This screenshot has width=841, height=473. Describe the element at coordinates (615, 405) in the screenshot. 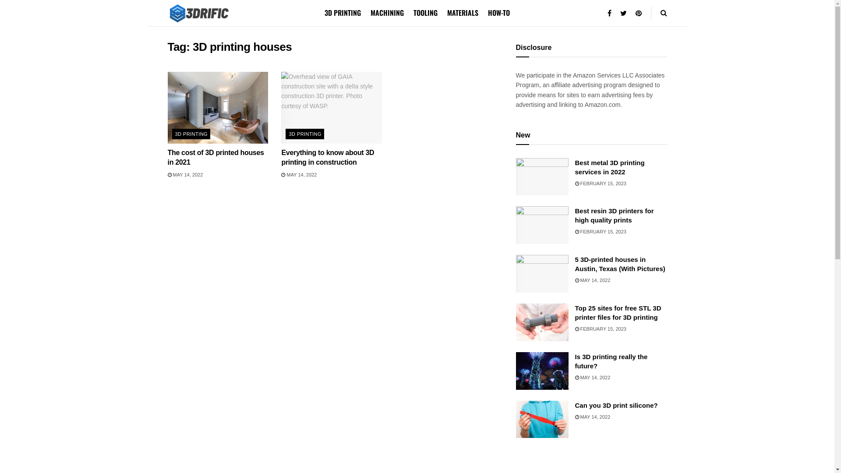

I see `'Can you 3D print silicone?'` at that location.